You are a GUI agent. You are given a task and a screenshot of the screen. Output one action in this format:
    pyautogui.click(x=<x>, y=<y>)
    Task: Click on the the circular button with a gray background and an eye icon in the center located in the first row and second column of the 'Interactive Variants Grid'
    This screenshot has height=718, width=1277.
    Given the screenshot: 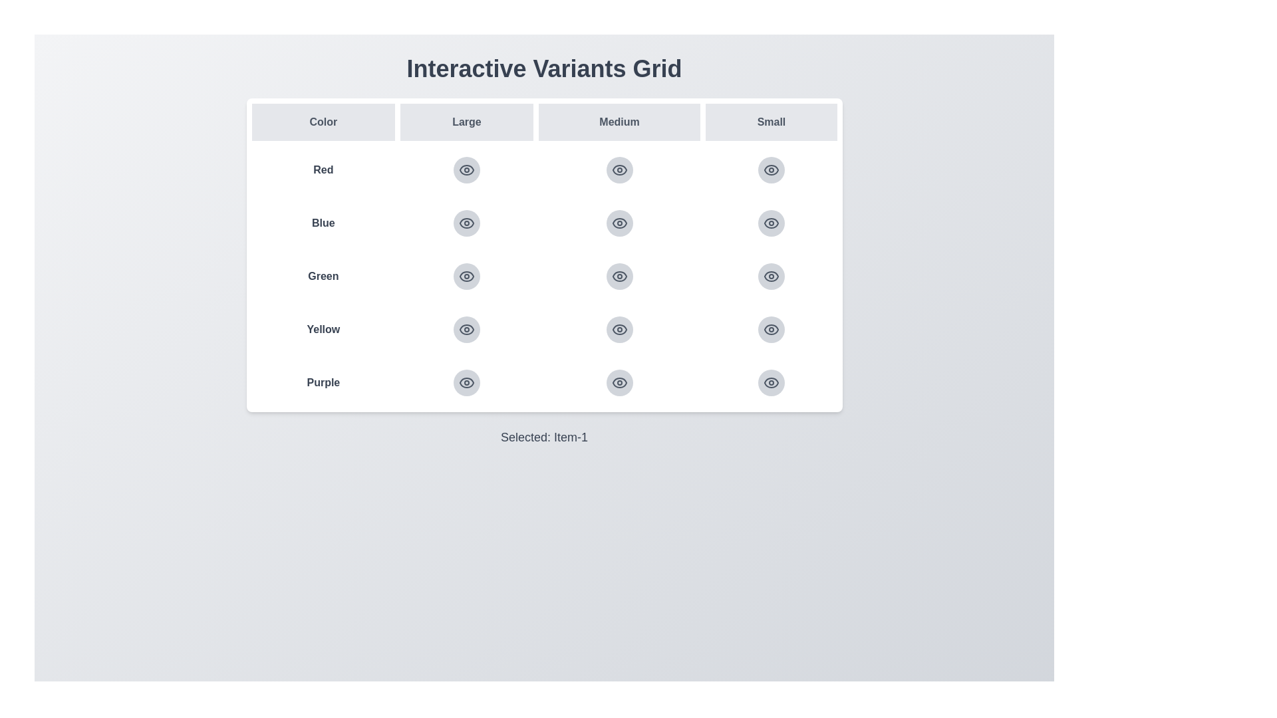 What is the action you would take?
    pyautogui.click(x=466, y=169)
    